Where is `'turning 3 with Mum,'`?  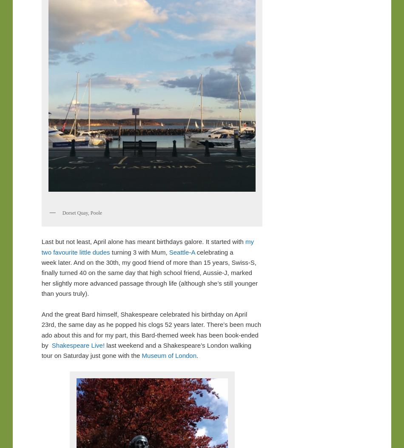
'turning 3 with Mum,' is located at coordinates (139, 251).